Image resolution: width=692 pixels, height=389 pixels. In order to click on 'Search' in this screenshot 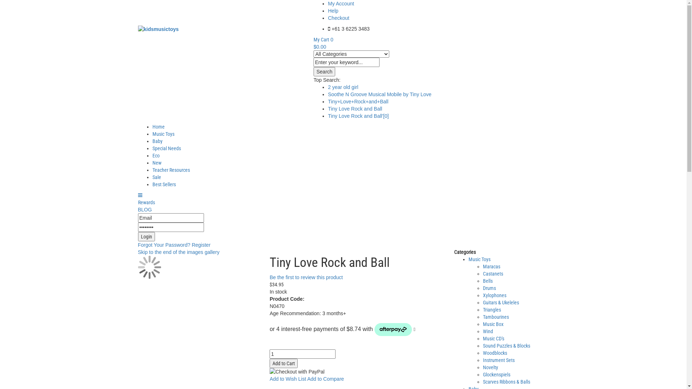, I will do `click(324, 72)`.